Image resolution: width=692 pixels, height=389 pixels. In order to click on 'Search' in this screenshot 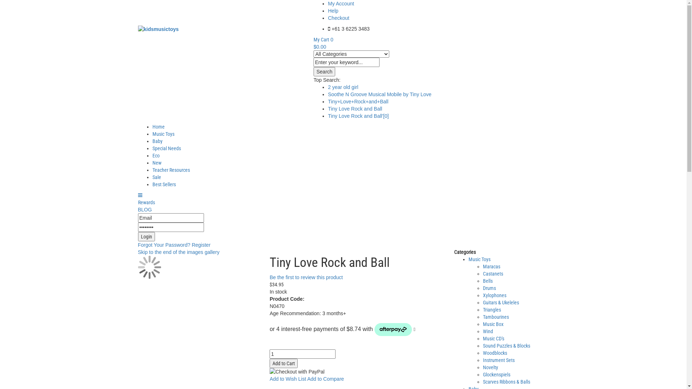, I will do `click(324, 72)`.